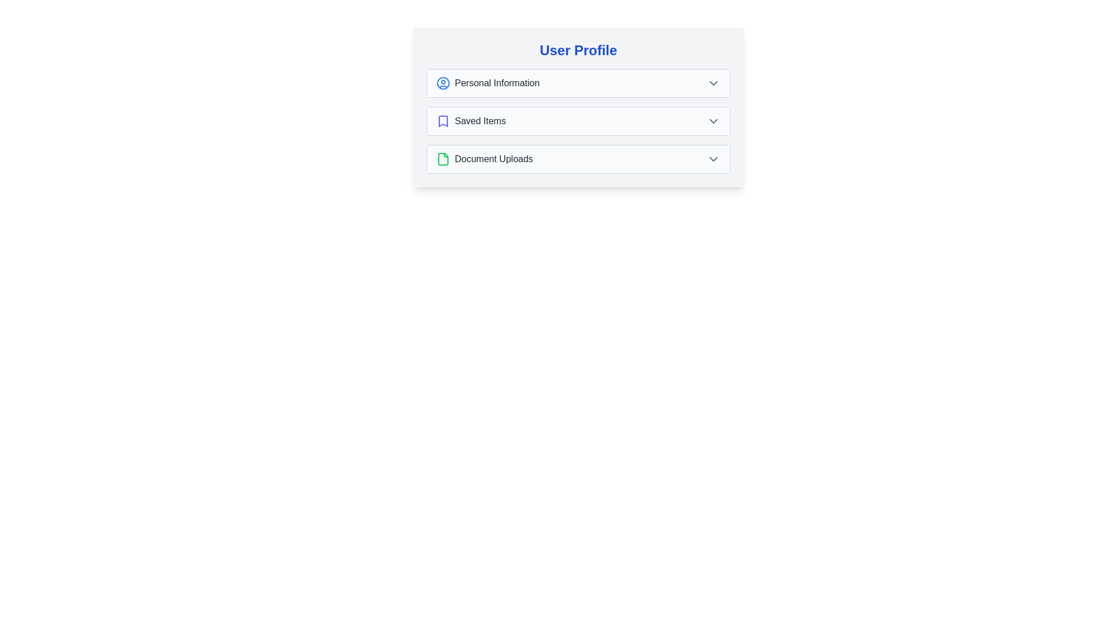 The width and height of the screenshot is (1104, 621). I want to click on the 'Document Uploads' icon located at the beginning of the row in the user profile section's menu, so click(443, 159).